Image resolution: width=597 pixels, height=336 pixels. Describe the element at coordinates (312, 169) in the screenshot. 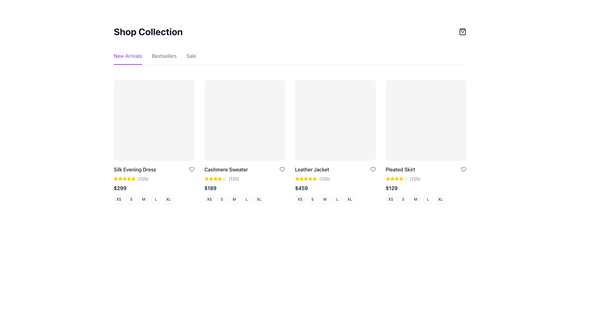

I see `text of the 'Leather Jacket' label, which is displayed in a medium-weight, dark gray font within the third product card, located below the image placeholder` at that location.